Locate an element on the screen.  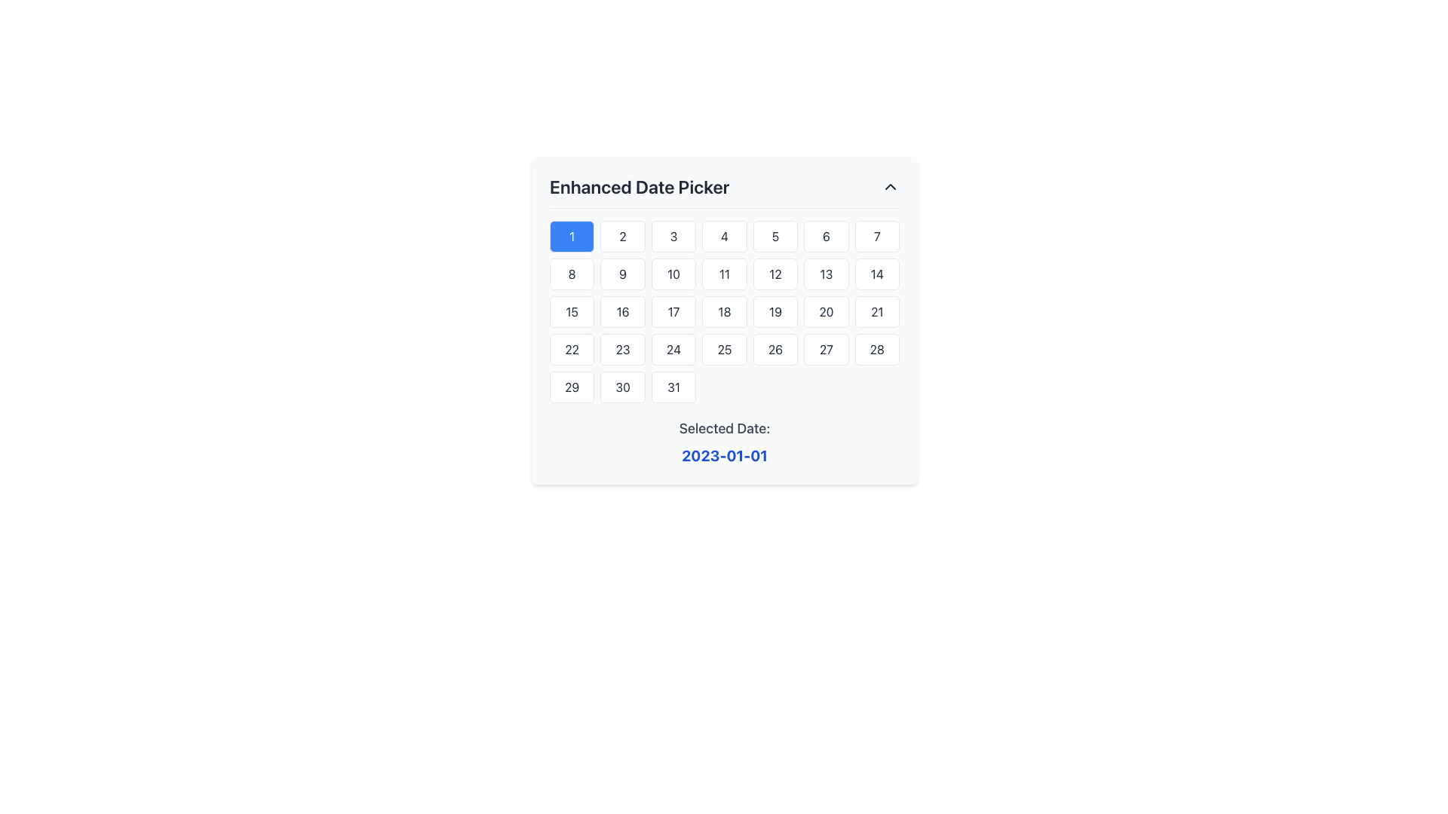
the Text display that shows the currently selected date, located below the 'Selected Date:' text component and centered in the interface is located at coordinates (724, 455).